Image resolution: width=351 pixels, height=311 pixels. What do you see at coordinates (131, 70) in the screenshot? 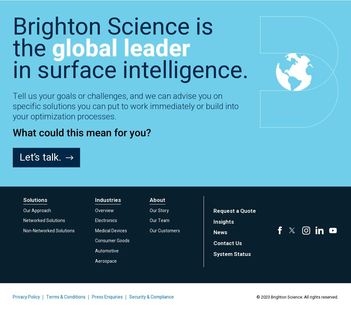
I see `'in surface intelligence.'` at bounding box center [131, 70].